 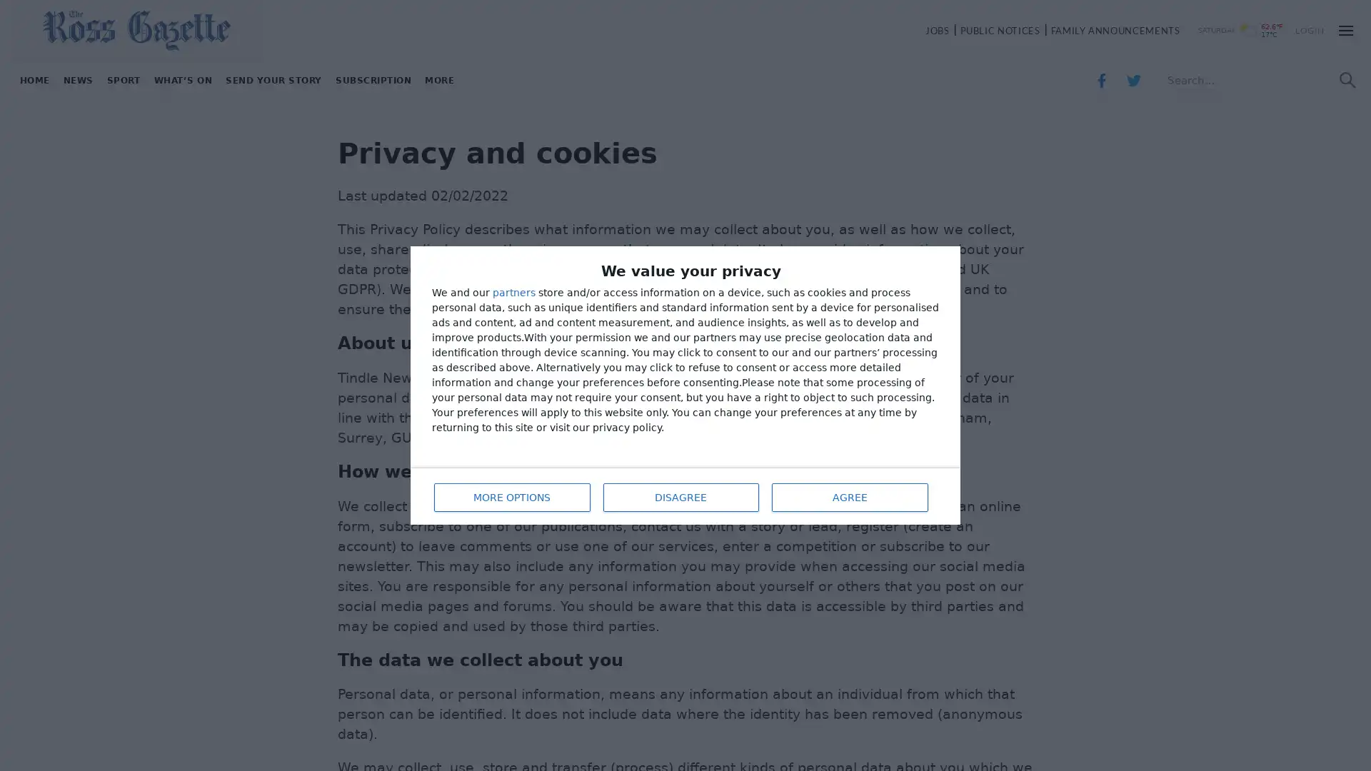 I want to click on LOGIN, so click(x=1310, y=30).